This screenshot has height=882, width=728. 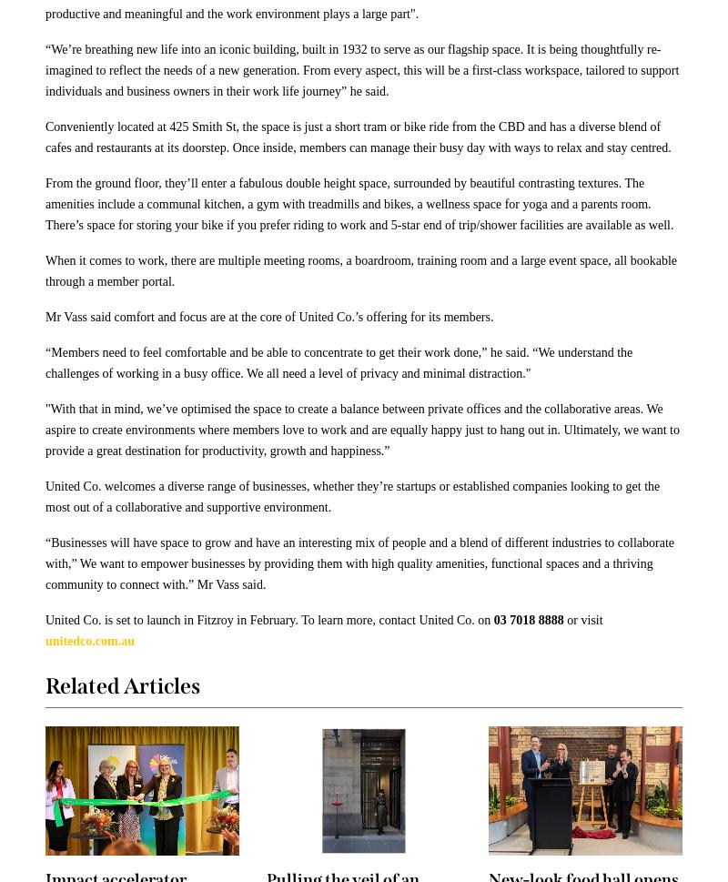 What do you see at coordinates (45, 619) in the screenshot?
I see `'United Co. is set to launch in Fitzroy in February. To learn more, contact United Co. on'` at bounding box center [45, 619].